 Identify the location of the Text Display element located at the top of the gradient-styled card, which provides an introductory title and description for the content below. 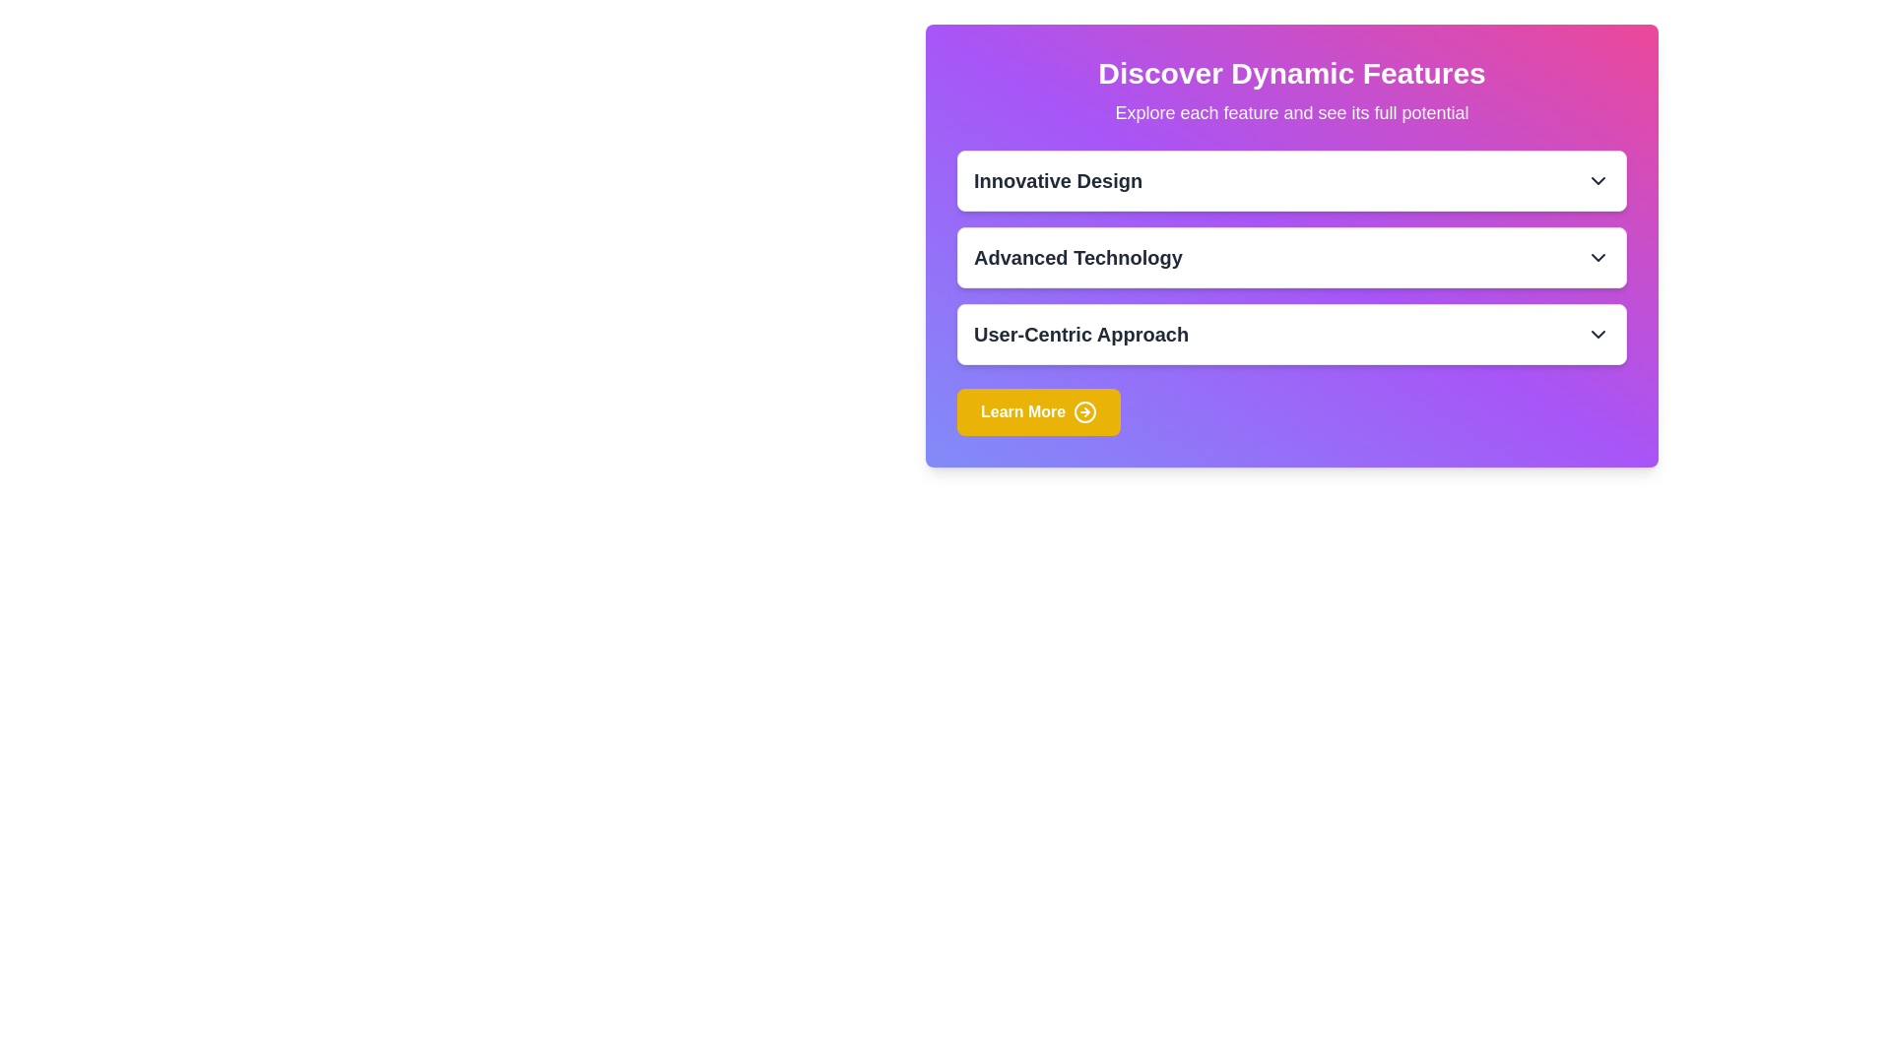
(1291, 91).